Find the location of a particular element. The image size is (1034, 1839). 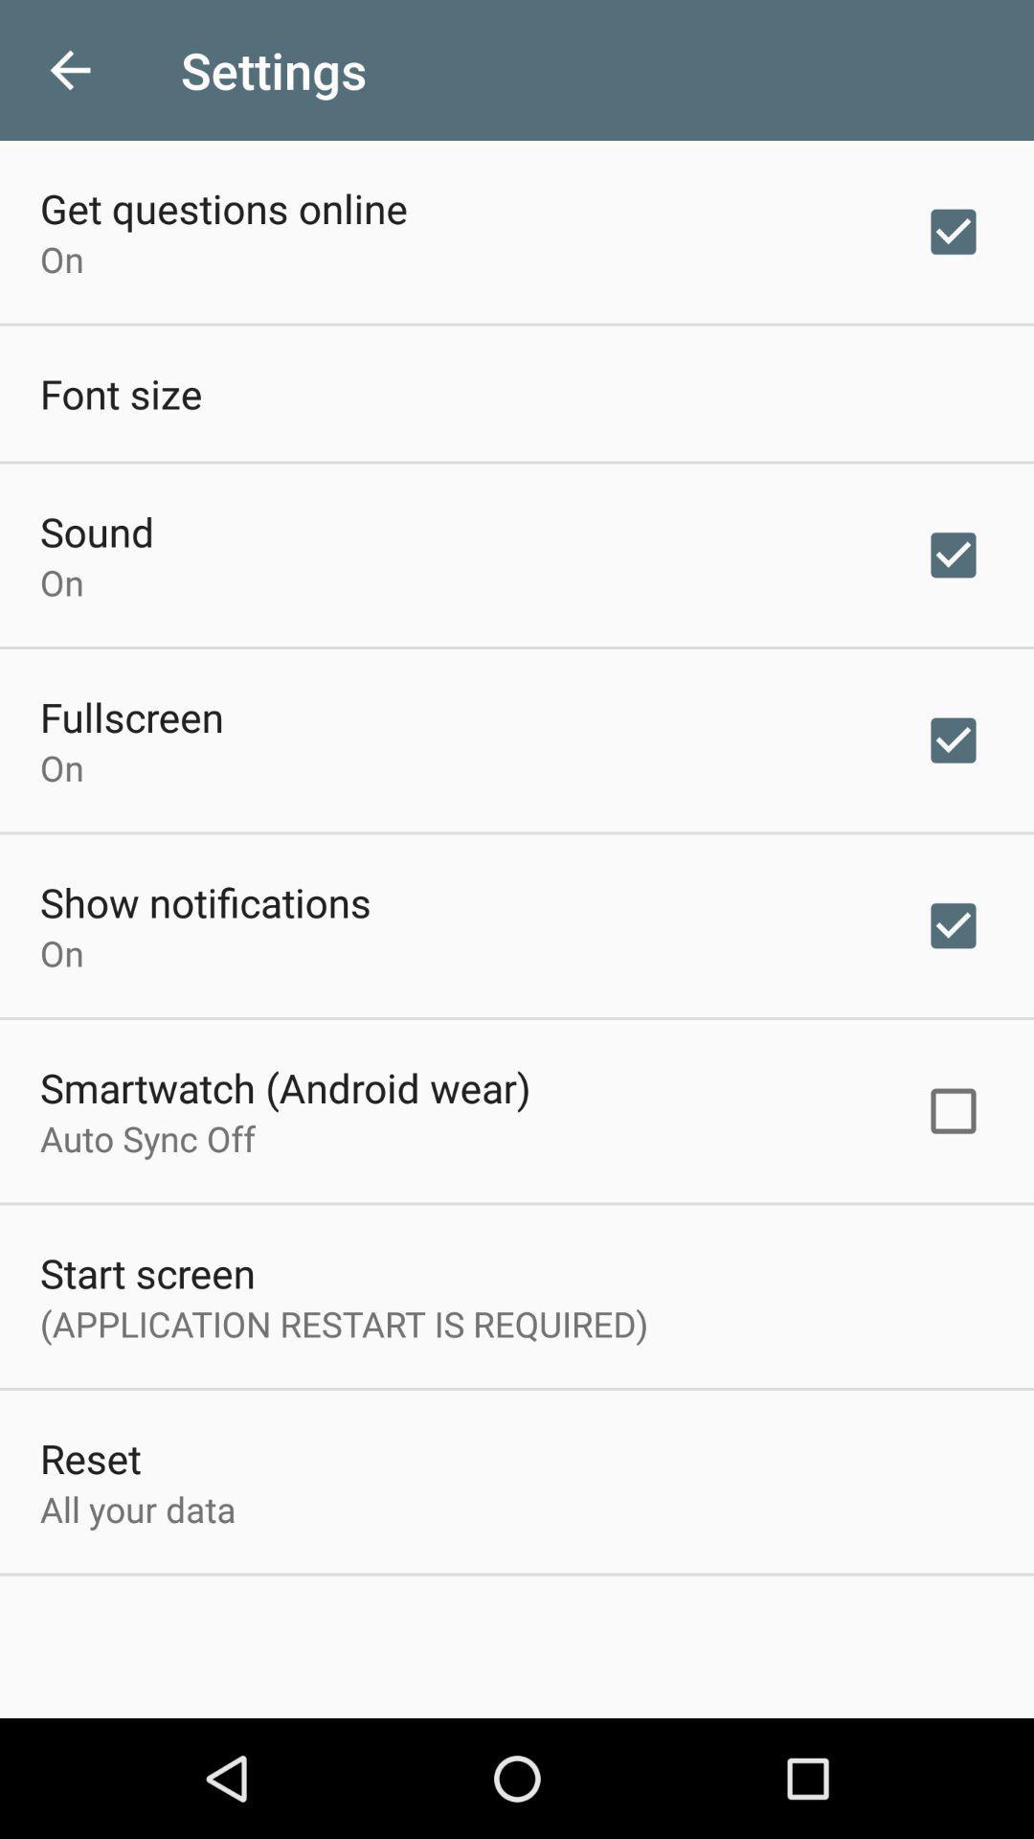

the icon below on item is located at coordinates (285, 1087).